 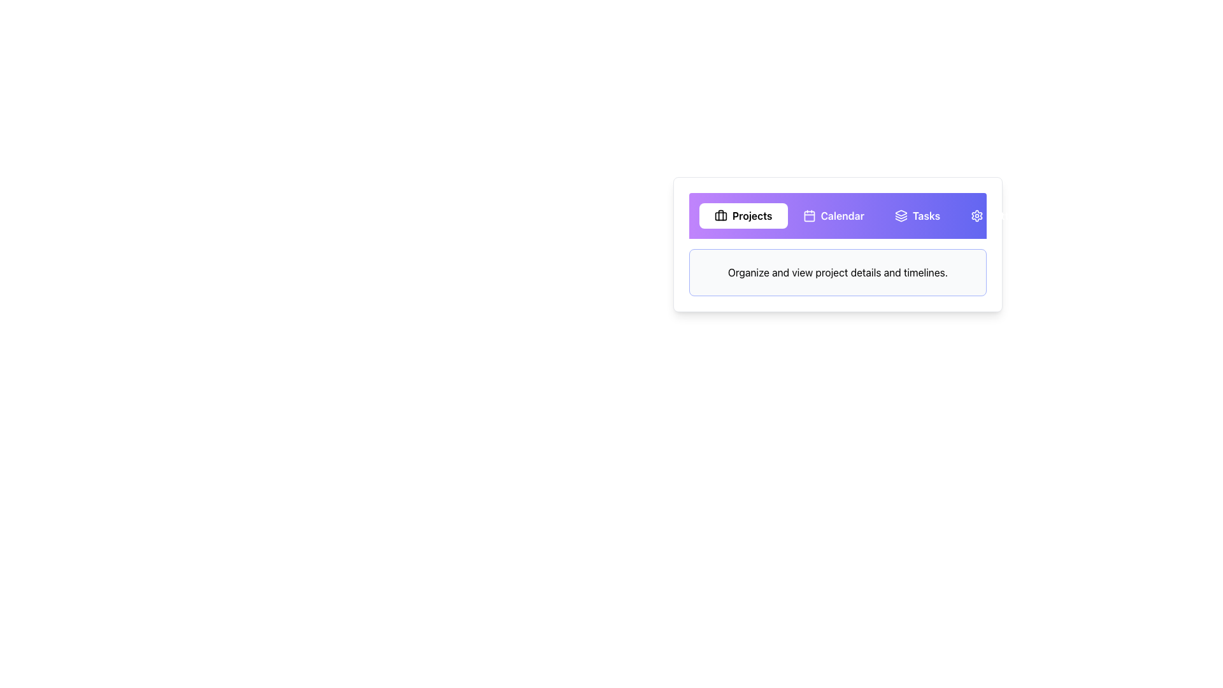 What do you see at coordinates (976, 215) in the screenshot?
I see `the gear-shaped settings icon located on the far-right of the horizontal navigation bar within the highlighted purple section` at bounding box center [976, 215].